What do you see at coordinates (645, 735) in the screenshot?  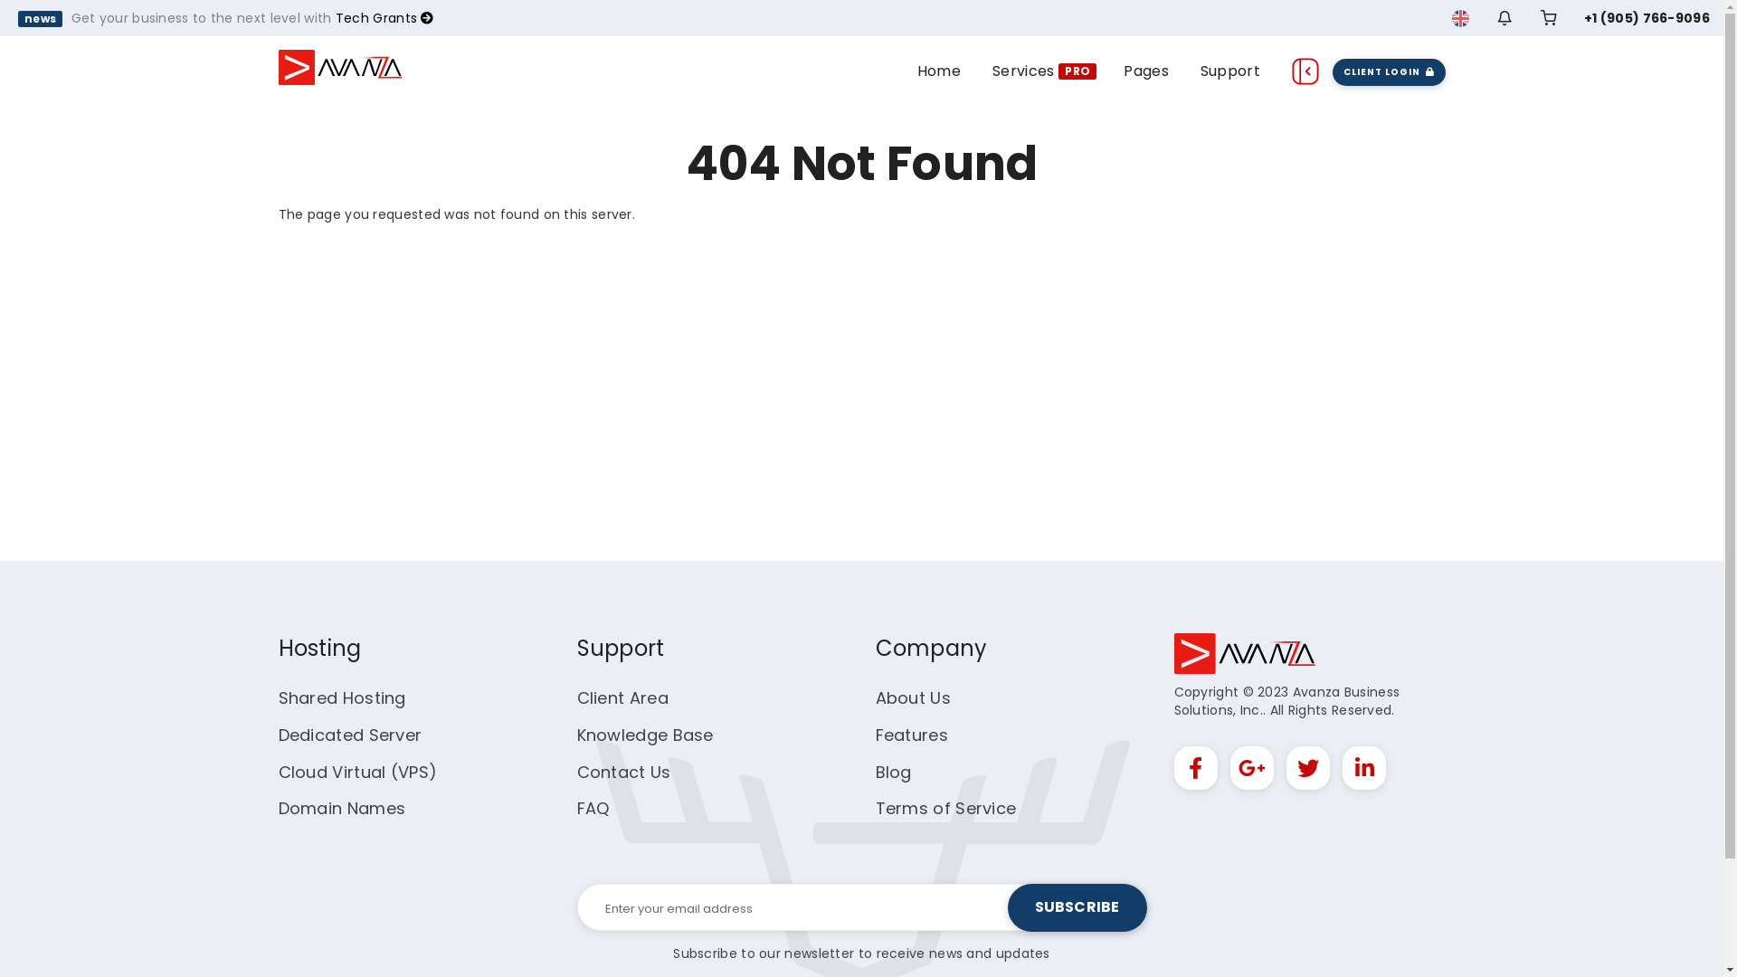 I see `'Knowledge Base'` at bounding box center [645, 735].